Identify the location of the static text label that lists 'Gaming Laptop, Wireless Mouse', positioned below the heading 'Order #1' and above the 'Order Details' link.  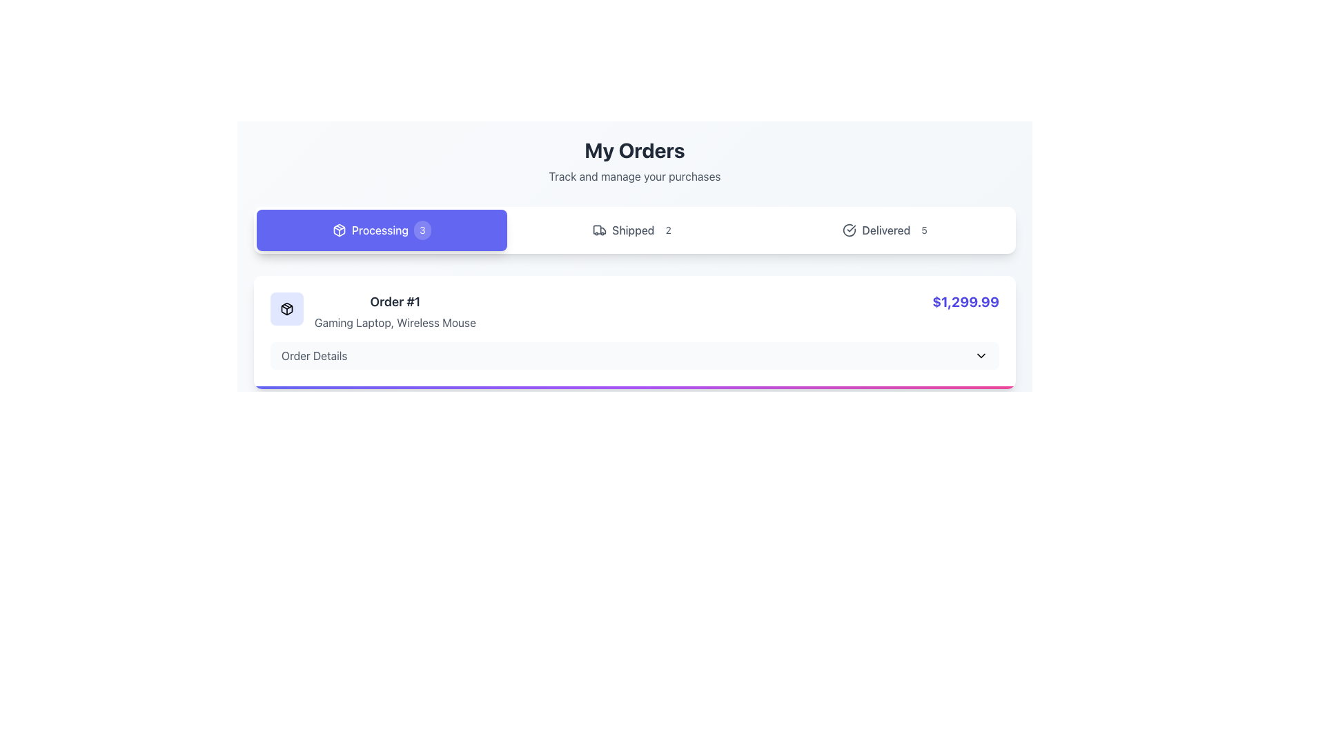
(394, 322).